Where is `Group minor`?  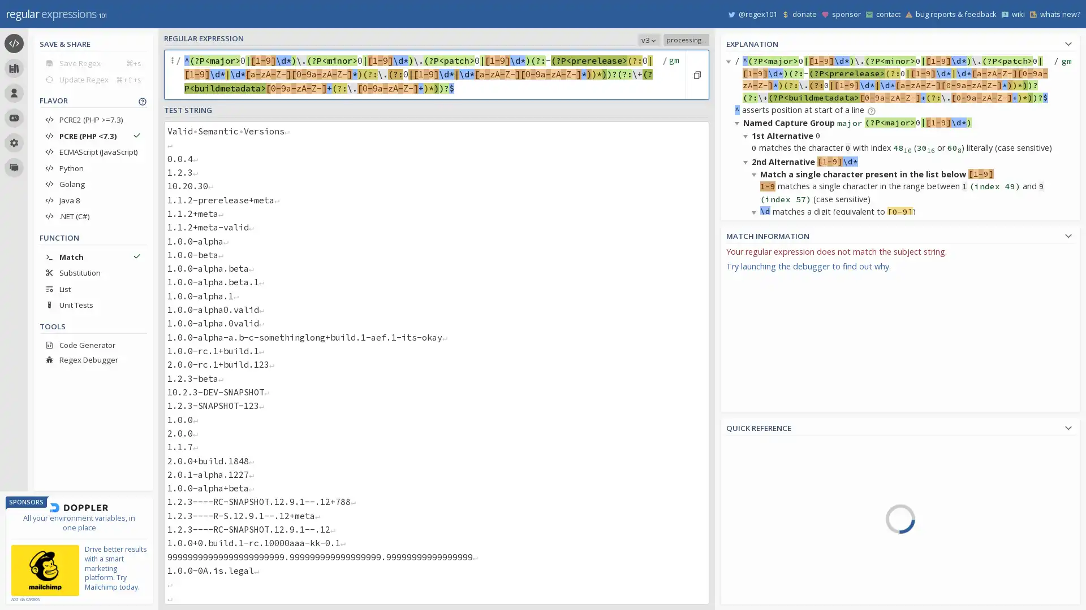
Group minor is located at coordinates (756, 300).